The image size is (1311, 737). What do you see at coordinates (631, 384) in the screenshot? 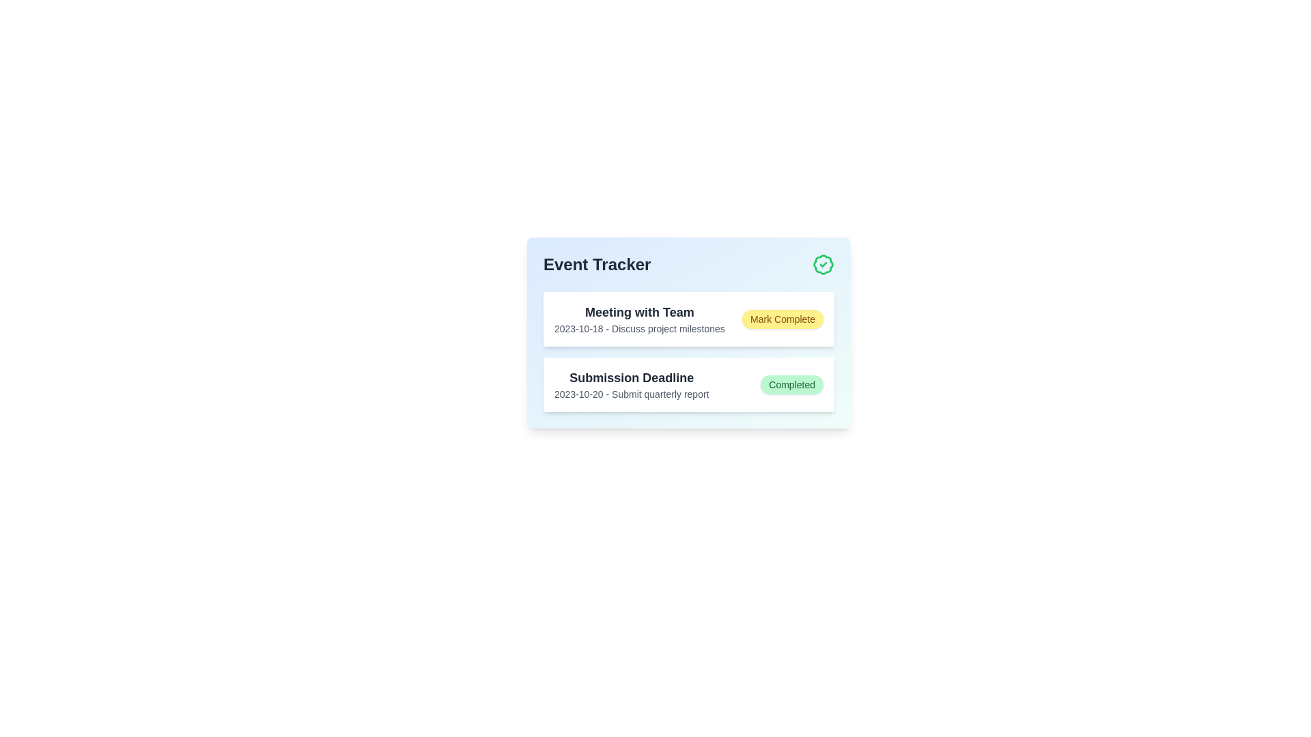
I see `the content of the text block titled 'Submission Deadline' that contains the deadline details for the quarterly report` at bounding box center [631, 384].